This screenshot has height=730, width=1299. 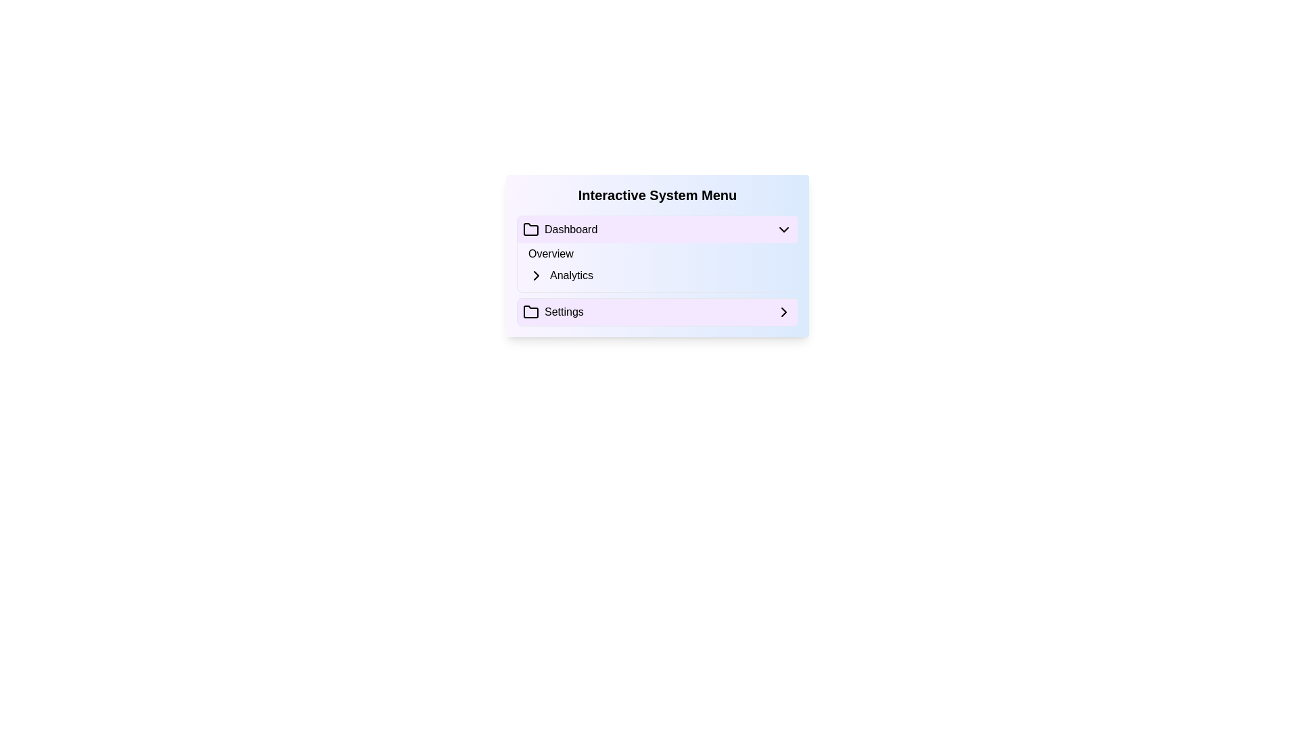 What do you see at coordinates (657, 312) in the screenshot?
I see `the interactive button 'Settings' with a light purple background and folder icon` at bounding box center [657, 312].